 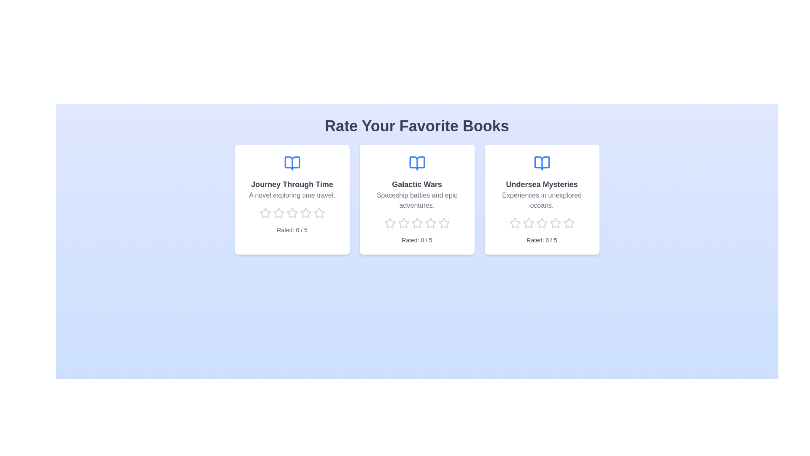 I want to click on the rating of a book to 5 stars by clicking on the corresponding star, so click(x=319, y=213).